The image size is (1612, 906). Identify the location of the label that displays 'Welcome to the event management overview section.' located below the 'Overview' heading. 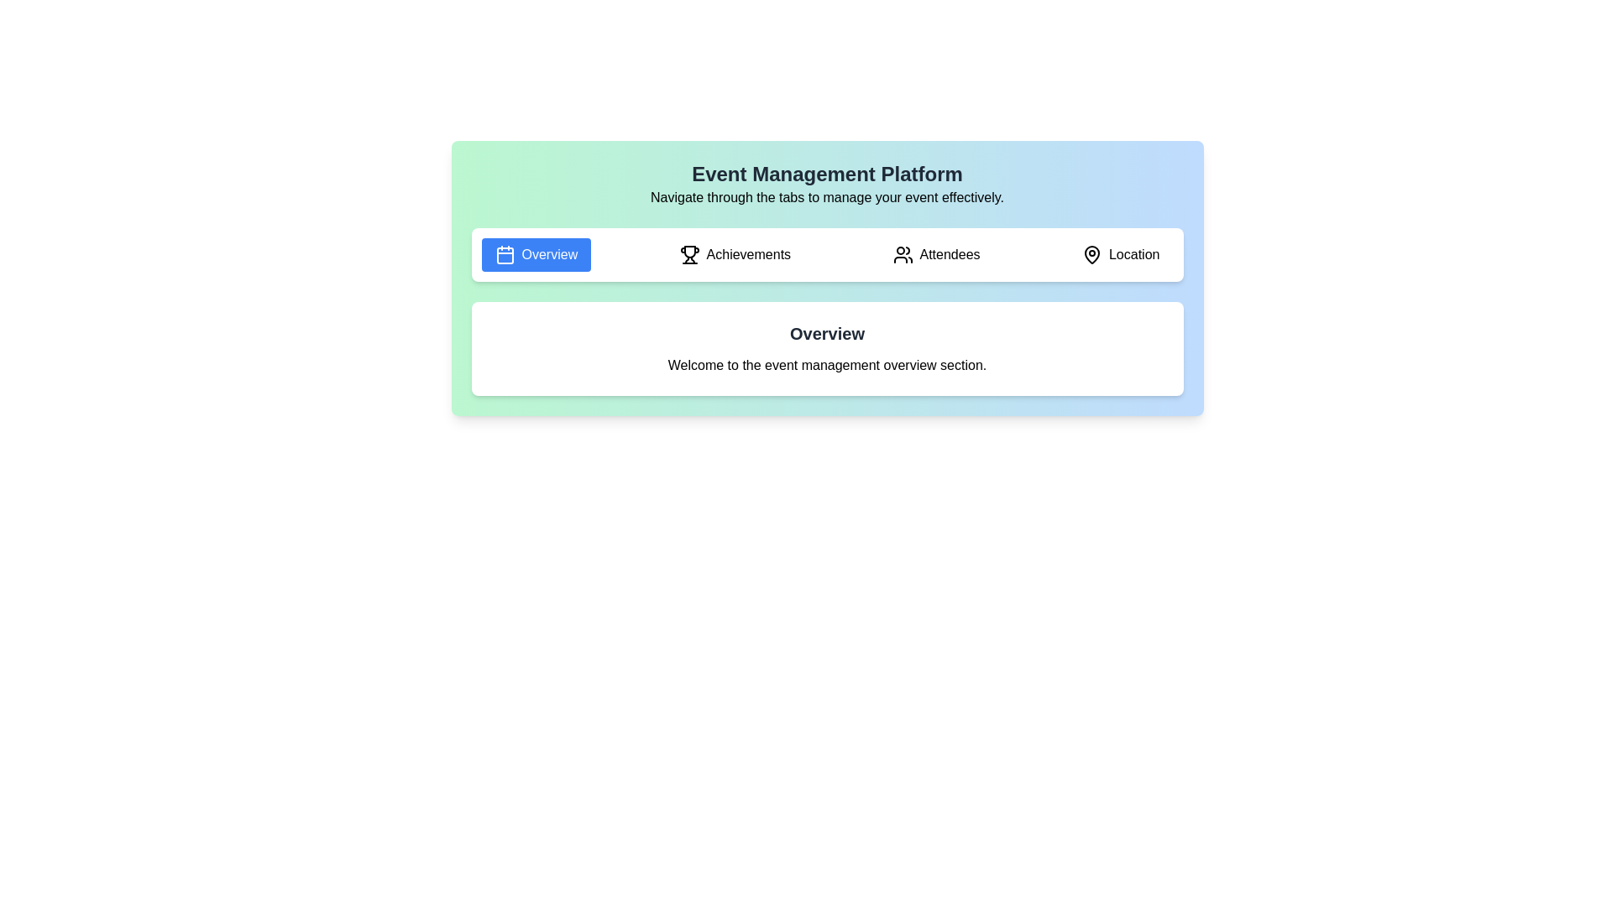
(827, 364).